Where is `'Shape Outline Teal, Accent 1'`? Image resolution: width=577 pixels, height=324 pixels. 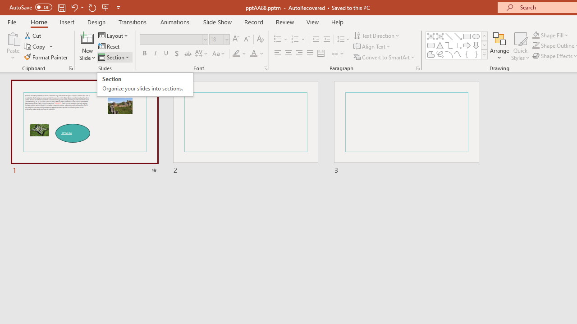 'Shape Outline Teal, Accent 1' is located at coordinates (536, 45).